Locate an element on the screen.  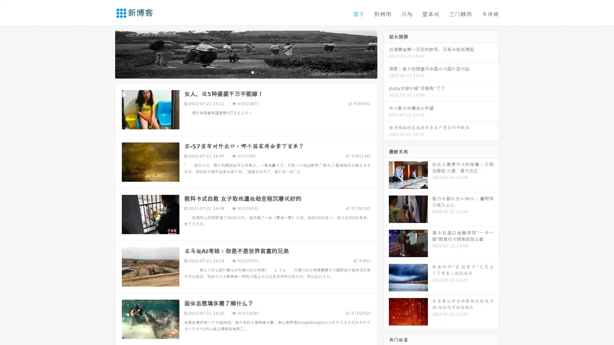
Previous slide is located at coordinates (106, 54).